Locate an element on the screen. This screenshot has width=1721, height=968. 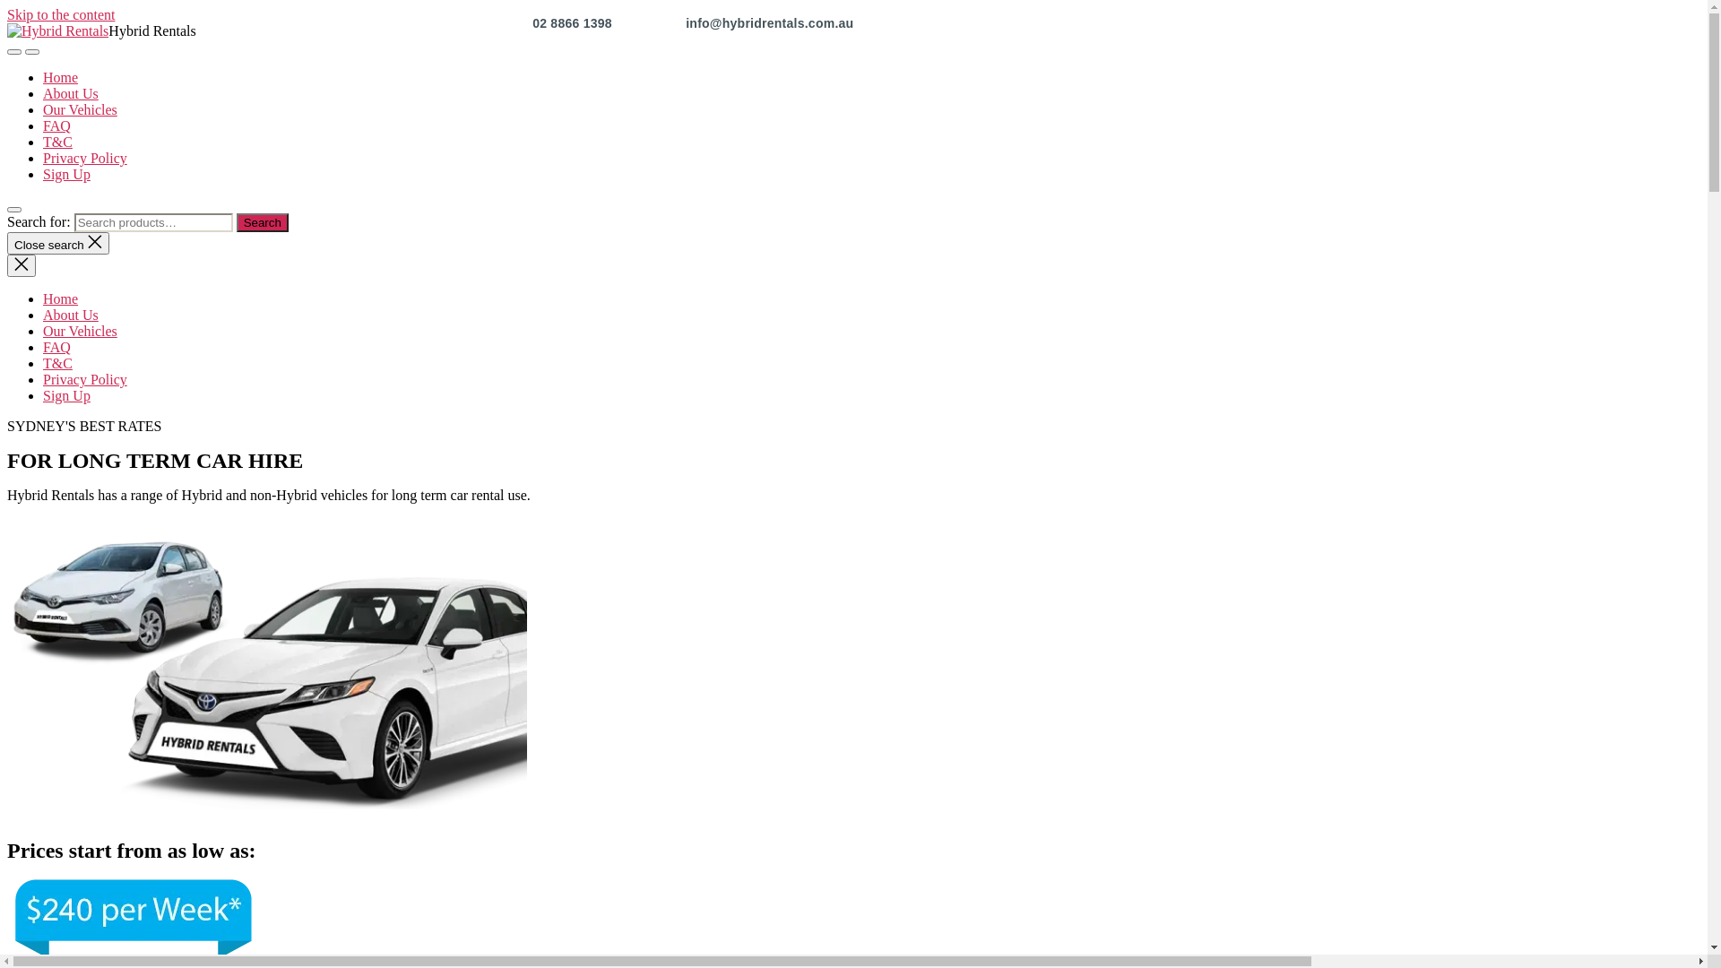
'Sign Up' is located at coordinates (66, 174).